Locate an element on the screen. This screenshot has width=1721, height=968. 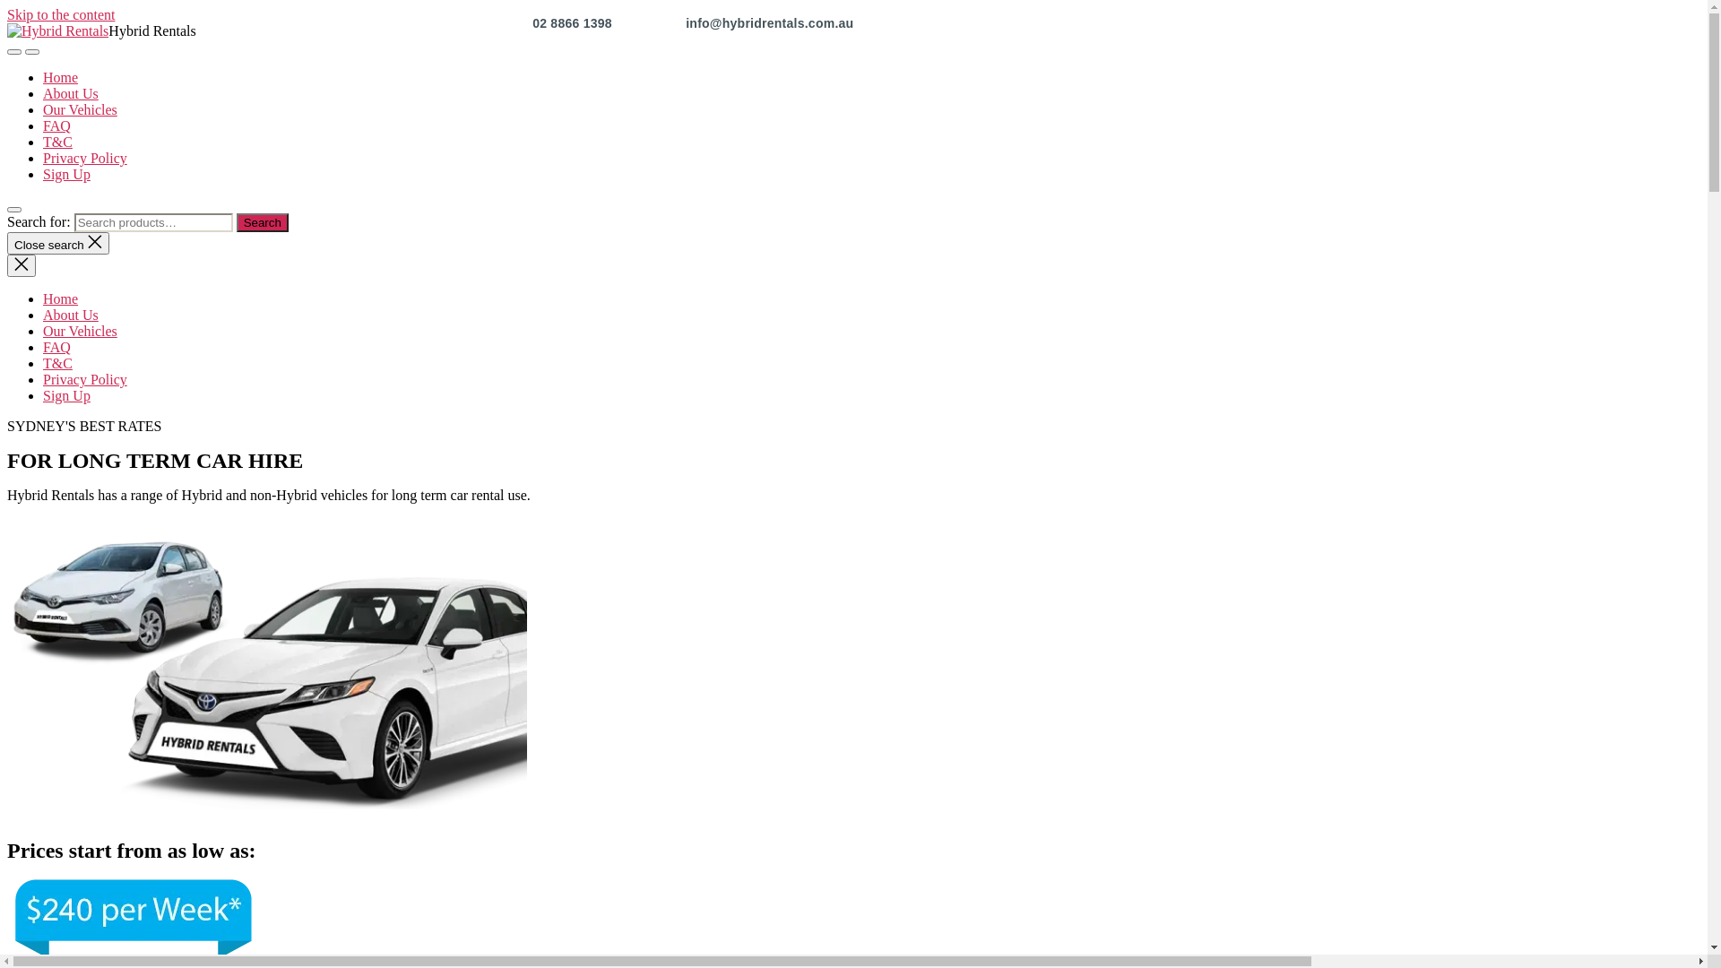
'Sign Up' is located at coordinates (66, 174).